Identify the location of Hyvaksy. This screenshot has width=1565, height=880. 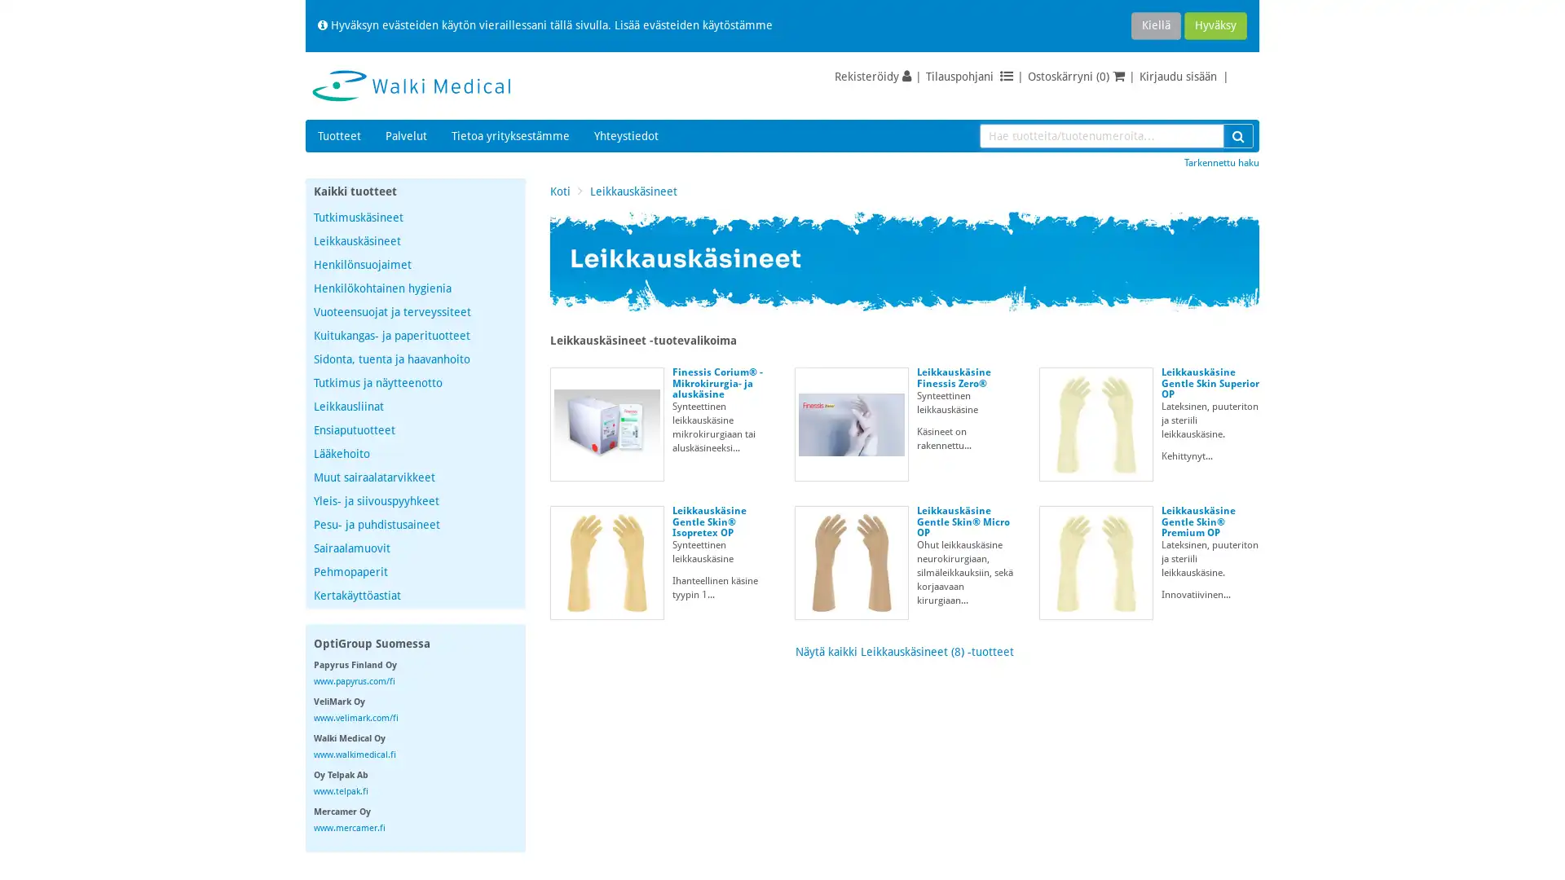
(1215, 25).